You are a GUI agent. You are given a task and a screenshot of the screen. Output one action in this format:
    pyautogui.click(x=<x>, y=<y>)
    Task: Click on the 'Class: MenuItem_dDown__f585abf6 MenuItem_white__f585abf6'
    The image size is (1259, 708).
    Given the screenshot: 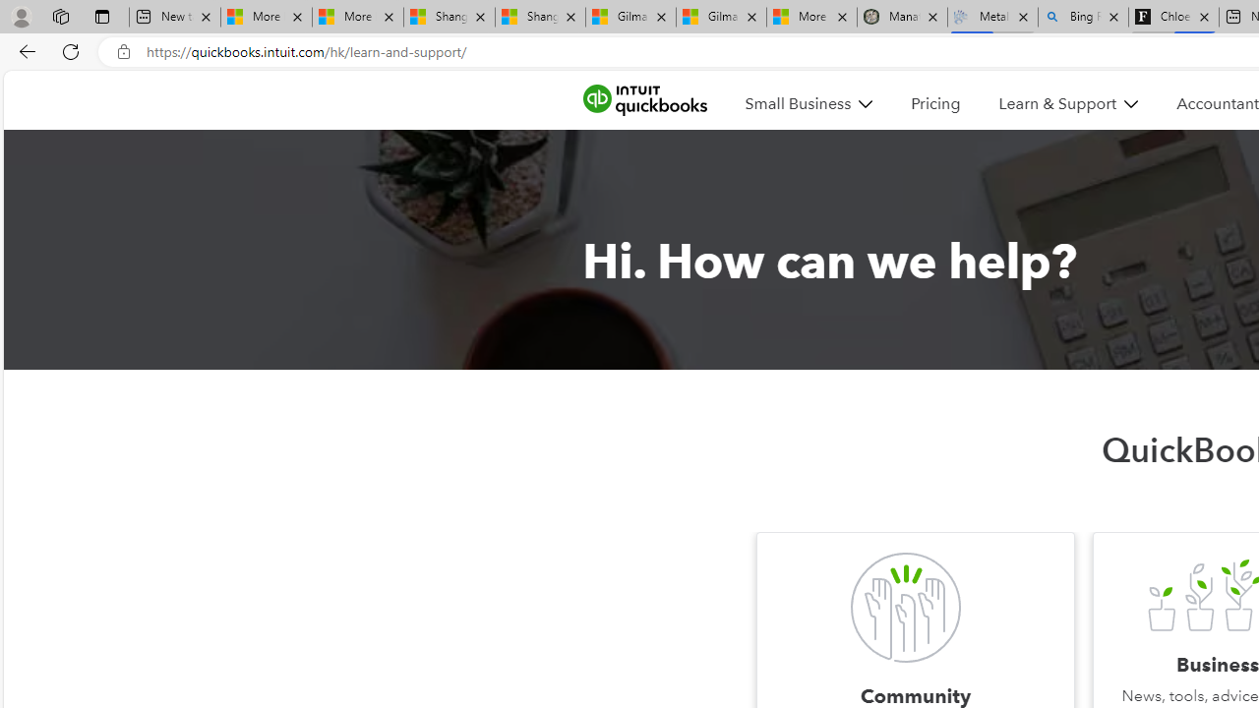 What is the action you would take?
    pyautogui.click(x=1131, y=104)
    